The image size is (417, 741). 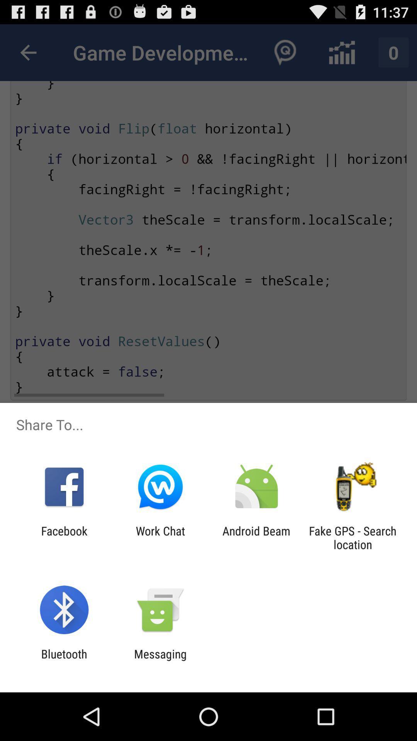 I want to click on icon next to the android beam icon, so click(x=160, y=537).